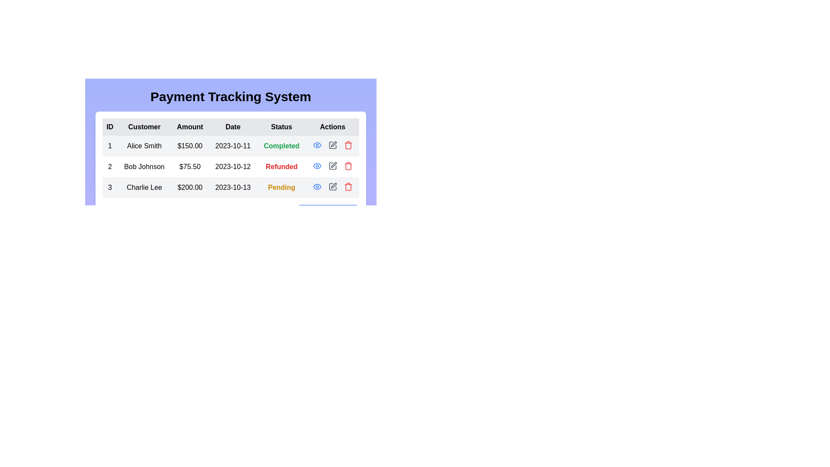  I want to click on the Trash Bin icon located in the Actions column of the table for the third row entry for Charlie Lee, which symbolizes the deletion operation, so click(348, 145).